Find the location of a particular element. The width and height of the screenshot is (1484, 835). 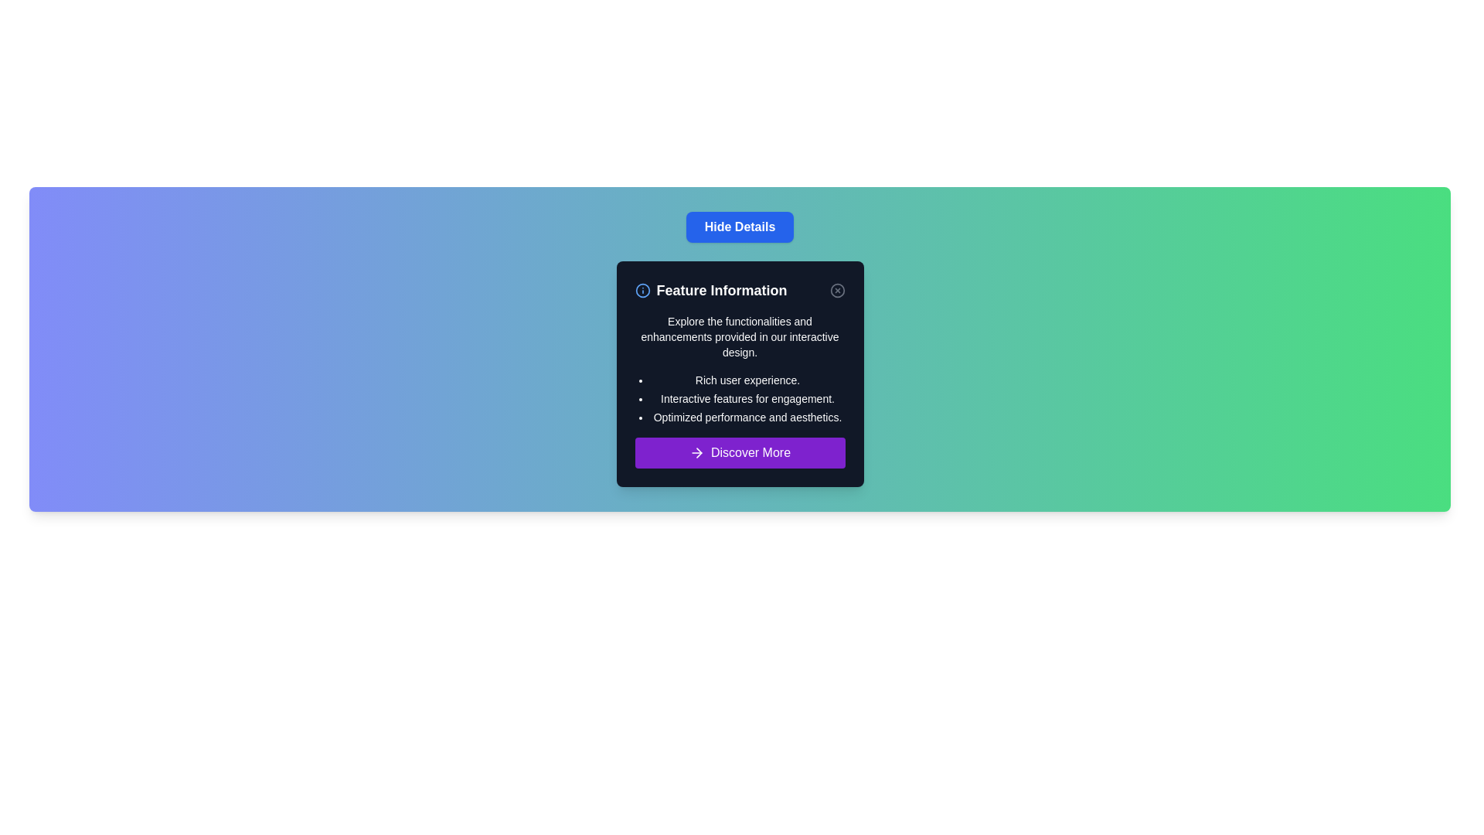

the first bullet point text in the feature information card, located below the title 'Feature Information' is located at coordinates (747, 380).